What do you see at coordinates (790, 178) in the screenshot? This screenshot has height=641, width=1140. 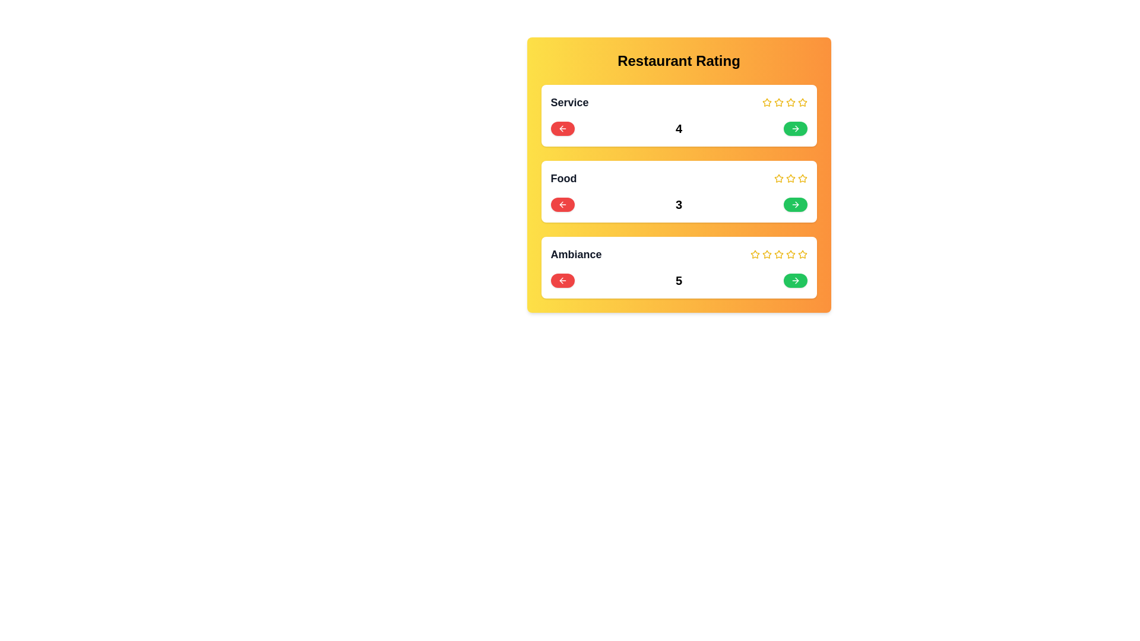 I see `the second golden star icon in the rating row for 'Food' to change the rating` at bounding box center [790, 178].